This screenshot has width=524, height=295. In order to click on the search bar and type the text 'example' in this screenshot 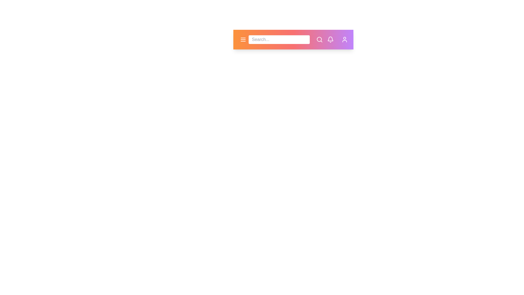, I will do `click(279, 39)`.